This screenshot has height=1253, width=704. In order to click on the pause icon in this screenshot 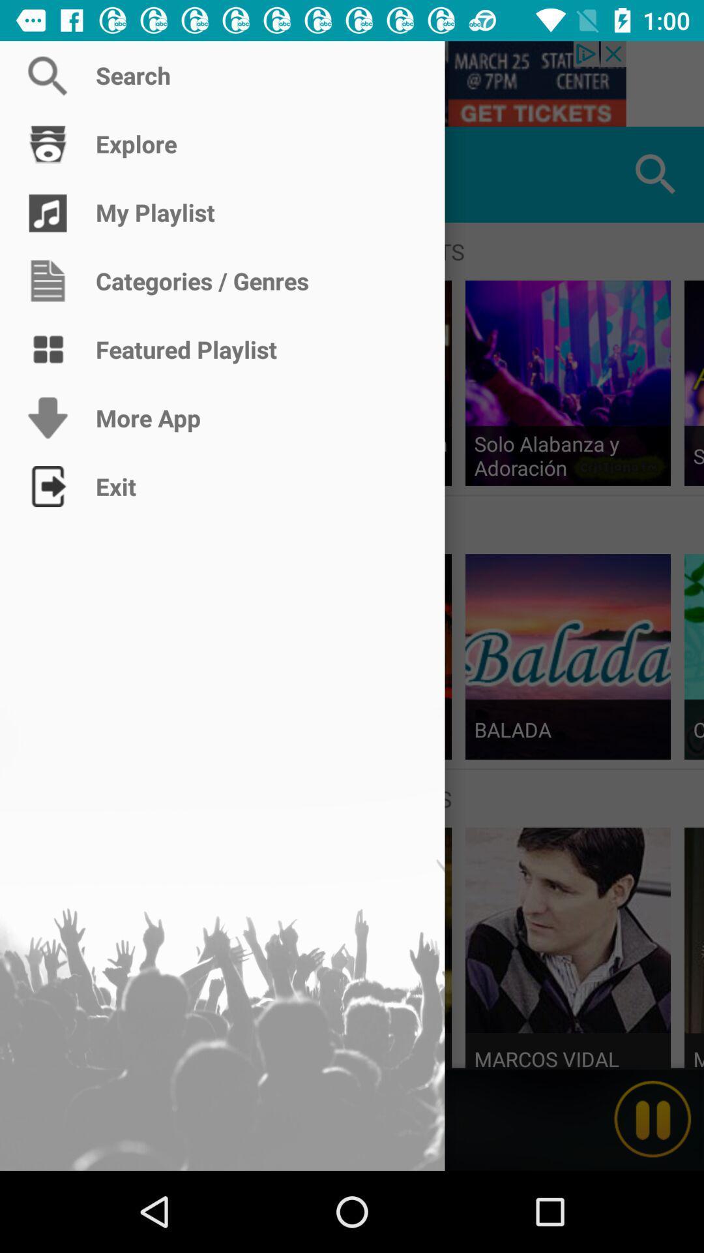, I will do `click(653, 1119)`.